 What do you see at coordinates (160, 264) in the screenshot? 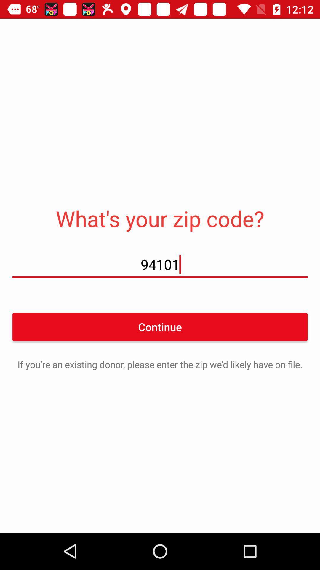
I see `94101 icon` at bounding box center [160, 264].